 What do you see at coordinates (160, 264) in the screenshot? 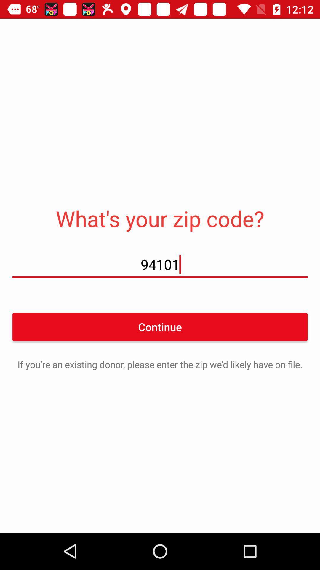
I see `94101 icon` at bounding box center [160, 264].